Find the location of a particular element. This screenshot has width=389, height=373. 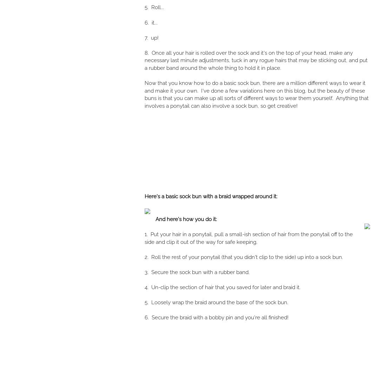

'2.  Roll the rest of your ponytail (that you didn't clip to the side) up into a sock bun.' is located at coordinates (243, 256).